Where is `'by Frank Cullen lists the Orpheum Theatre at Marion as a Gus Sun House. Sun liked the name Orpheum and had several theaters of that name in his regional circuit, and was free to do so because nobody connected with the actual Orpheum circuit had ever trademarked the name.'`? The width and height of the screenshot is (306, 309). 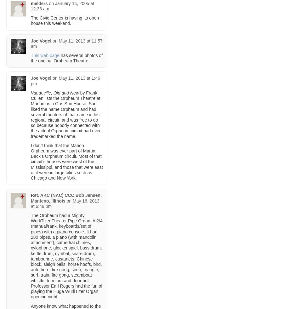 'by Frank Cullen lists the Orpheum Theatre at Marion as a Gus Sun House. Sun liked the name Orpheum and had several theaters of that name in his regional circuit, and was free to do so because nobody connected with the actual Orpheum circuit had ever trademarked the name.' is located at coordinates (30, 114).